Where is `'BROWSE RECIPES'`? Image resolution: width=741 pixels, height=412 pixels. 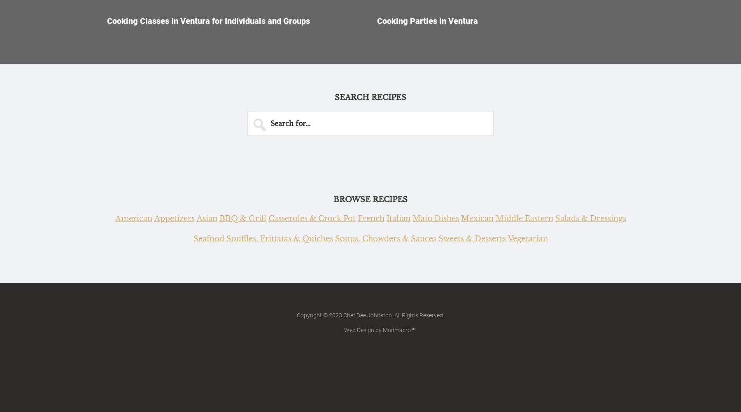
'BROWSE RECIPES' is located at coordinates (333, 199).